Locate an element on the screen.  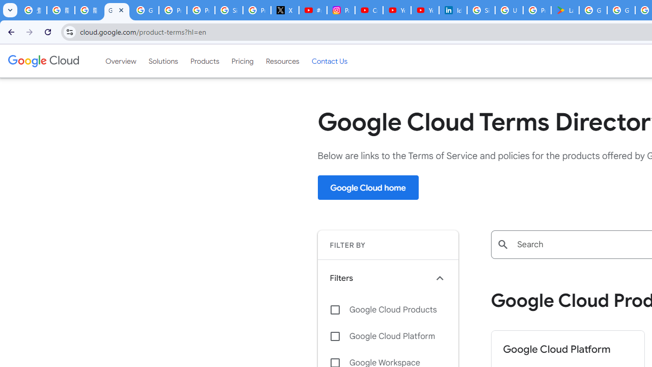
'Resources' is located at coordinates (282, 61).